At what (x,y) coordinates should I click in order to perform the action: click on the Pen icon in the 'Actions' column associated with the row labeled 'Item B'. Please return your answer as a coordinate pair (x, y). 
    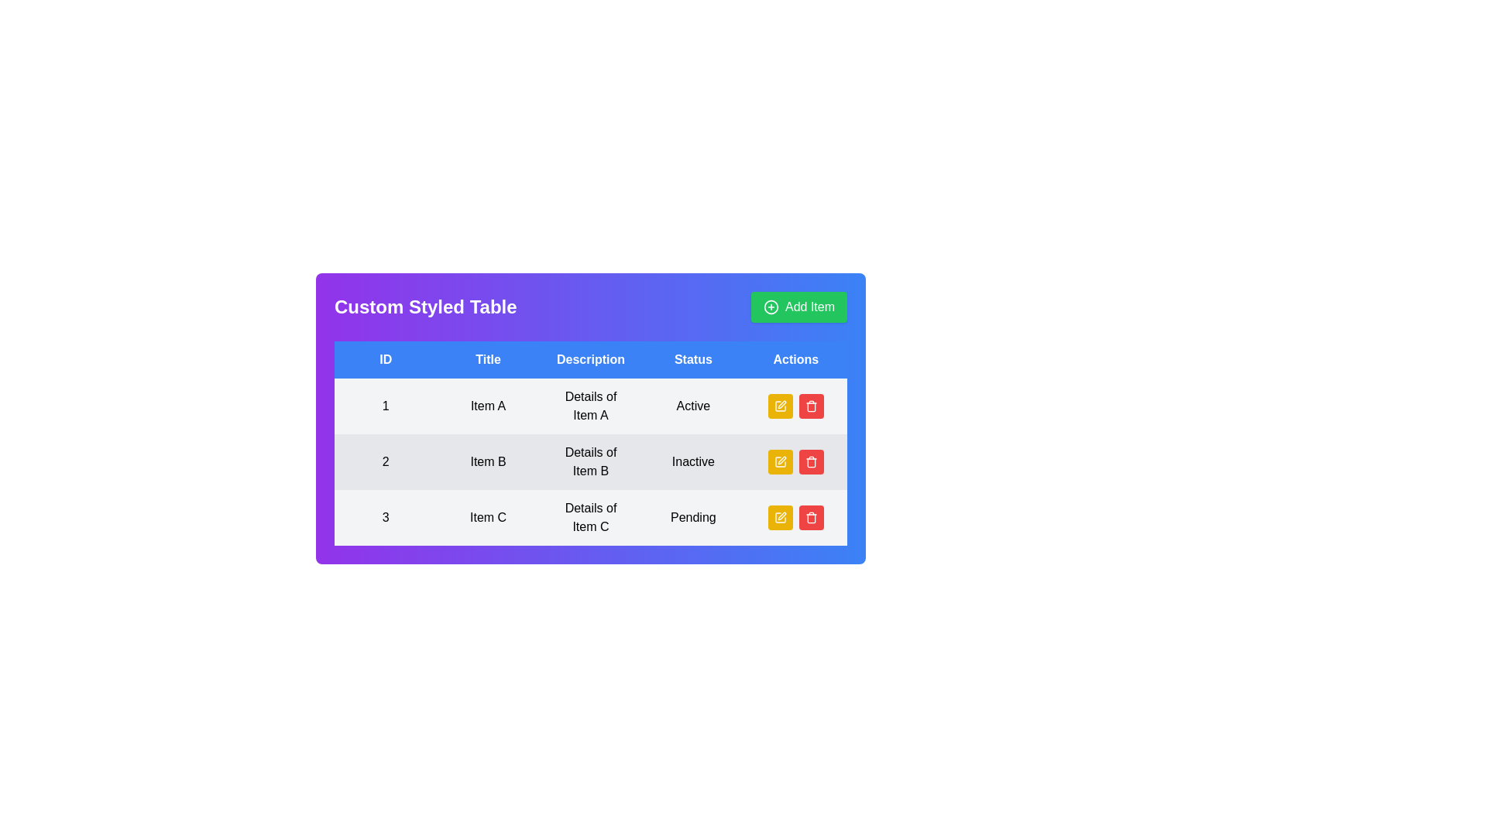
    Looking at the image, I should click on (781, 404).